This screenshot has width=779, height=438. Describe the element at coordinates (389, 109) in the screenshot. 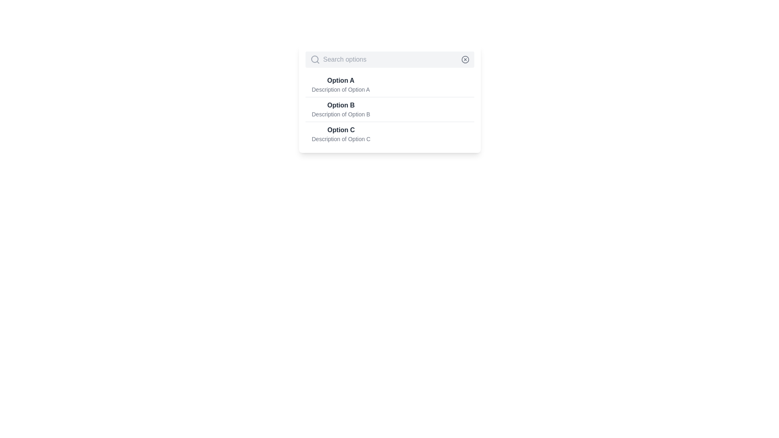

I see `the 'Option B' item in the dropdown menu` at that location.